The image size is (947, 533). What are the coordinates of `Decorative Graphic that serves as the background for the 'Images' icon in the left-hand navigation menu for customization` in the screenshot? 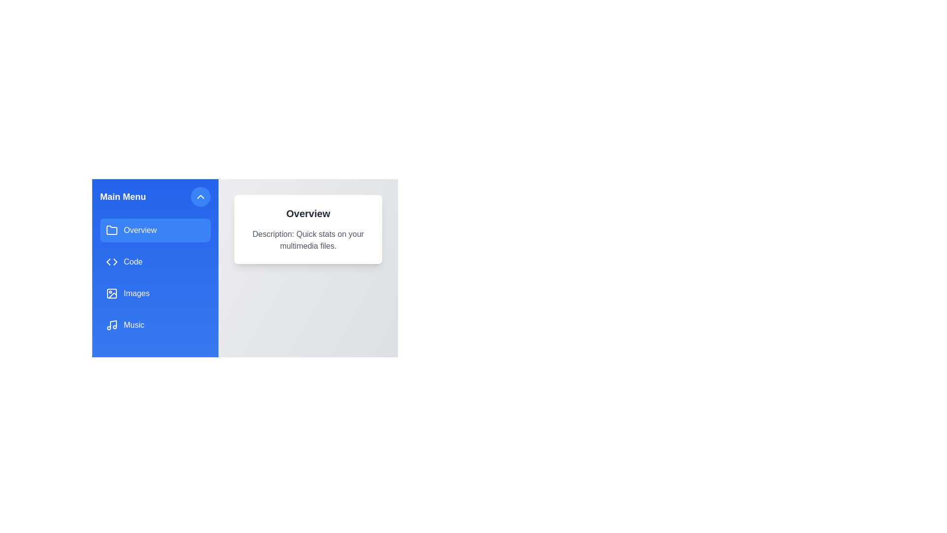 It's located at (111, 293).